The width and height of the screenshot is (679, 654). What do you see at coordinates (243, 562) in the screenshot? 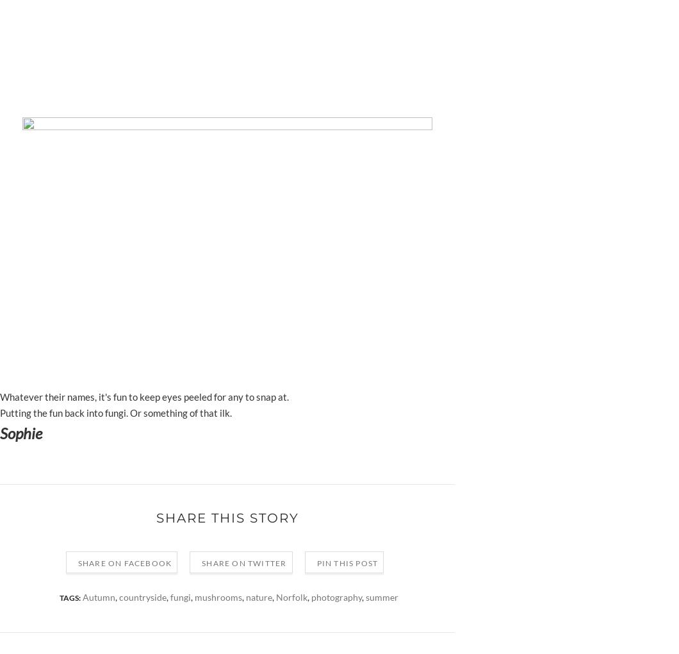
I see `'Share on Twitter'` at bounding box center [243, 562].